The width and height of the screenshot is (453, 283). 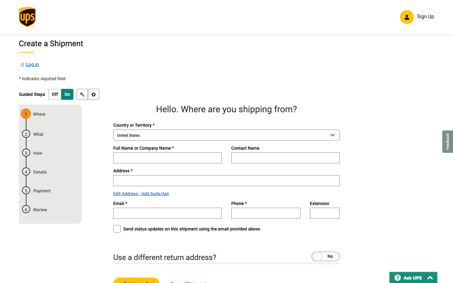 What do you see at coordinates (27, 19) in the screenshot?
I see `Return to the start page of UPS` at bounding box center [27, 19].